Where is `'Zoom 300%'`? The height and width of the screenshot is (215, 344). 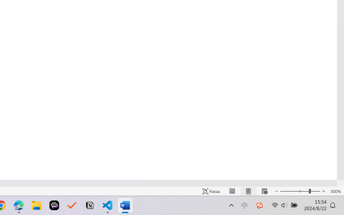
'Zoom 300%' is located at coordinates (335, 191).